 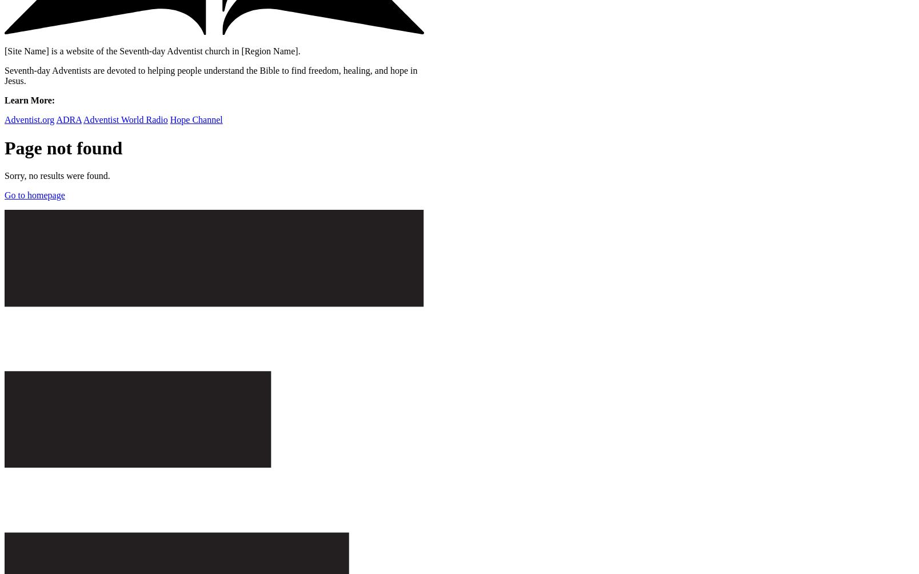 I want to click on 'Adventist.org', so click(x=29, y=119).